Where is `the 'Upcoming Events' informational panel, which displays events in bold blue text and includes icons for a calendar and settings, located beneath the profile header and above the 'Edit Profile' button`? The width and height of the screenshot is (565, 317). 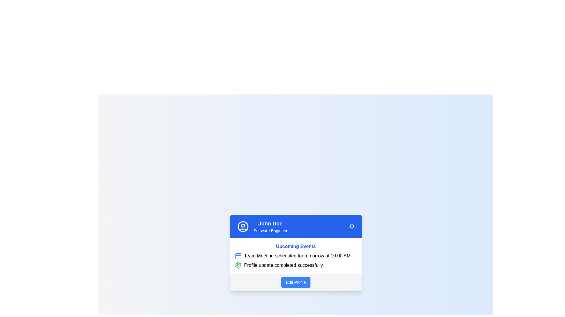 the 'Upcoming Events' informational panel, which displays events in bold blue text and includes icons for a calendar and settings, located beneath the profile header and above the 'Edit Profile' button is located at coordinates (296, 255).